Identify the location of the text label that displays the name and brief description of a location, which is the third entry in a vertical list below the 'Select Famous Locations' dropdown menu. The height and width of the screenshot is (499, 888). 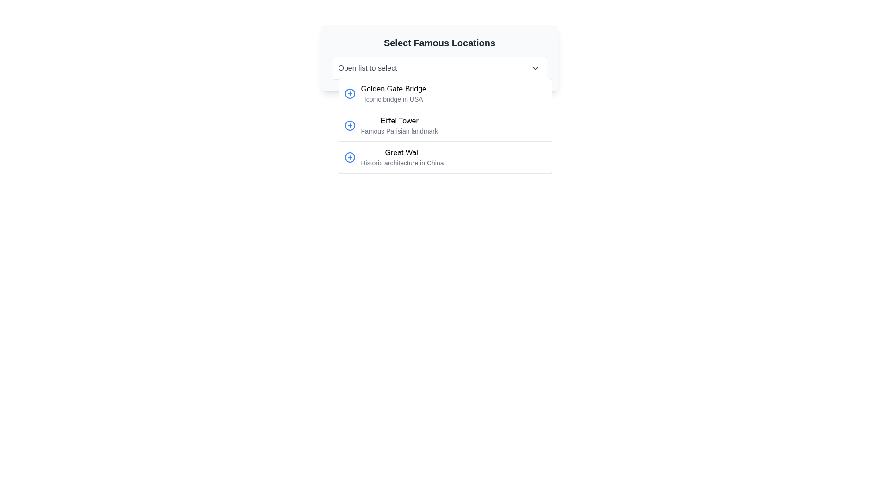
(402, 157).